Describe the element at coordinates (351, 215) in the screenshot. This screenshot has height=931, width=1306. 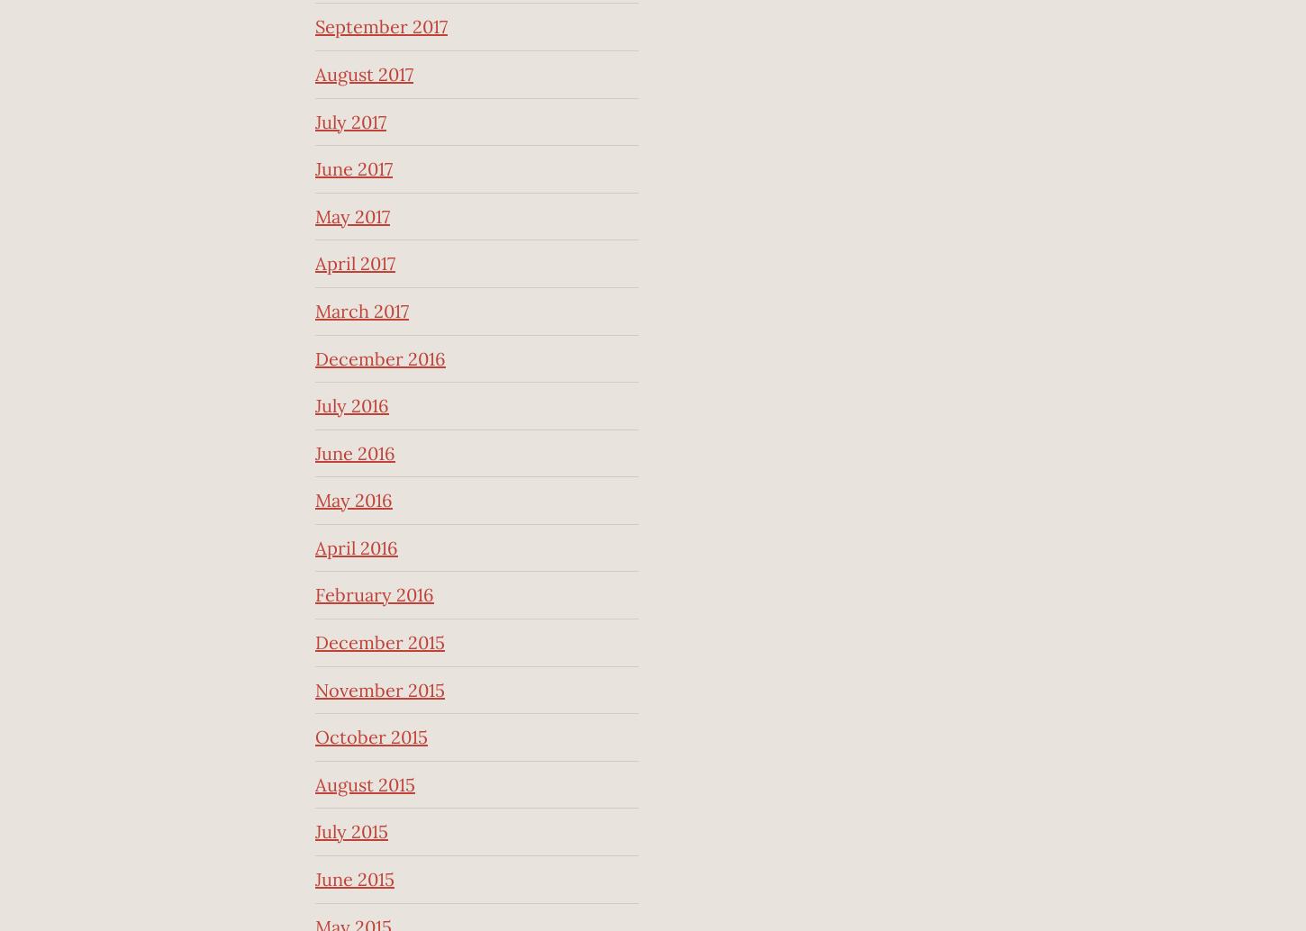
I see `'May 2017'` at that location.